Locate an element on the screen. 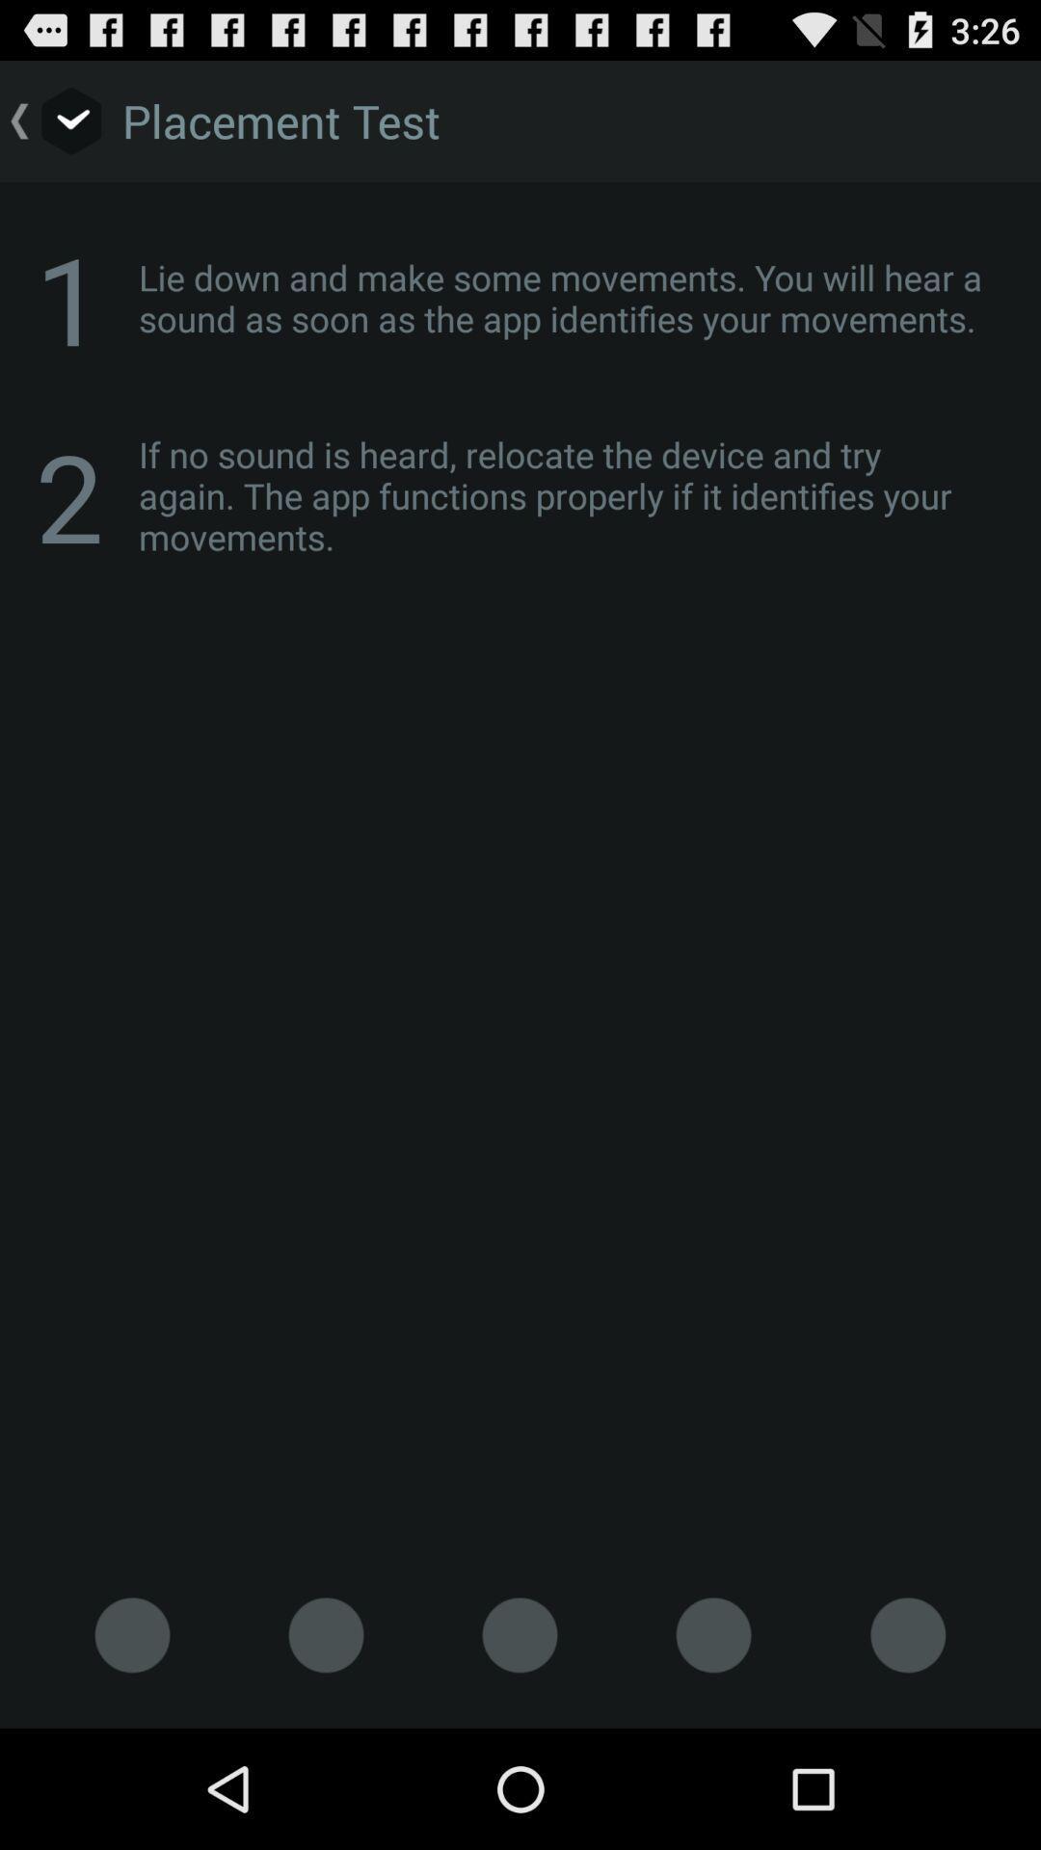 This screenshot has height=1850, width=1041. circle button at bottom right corner is located at coordinates (908, 1634).